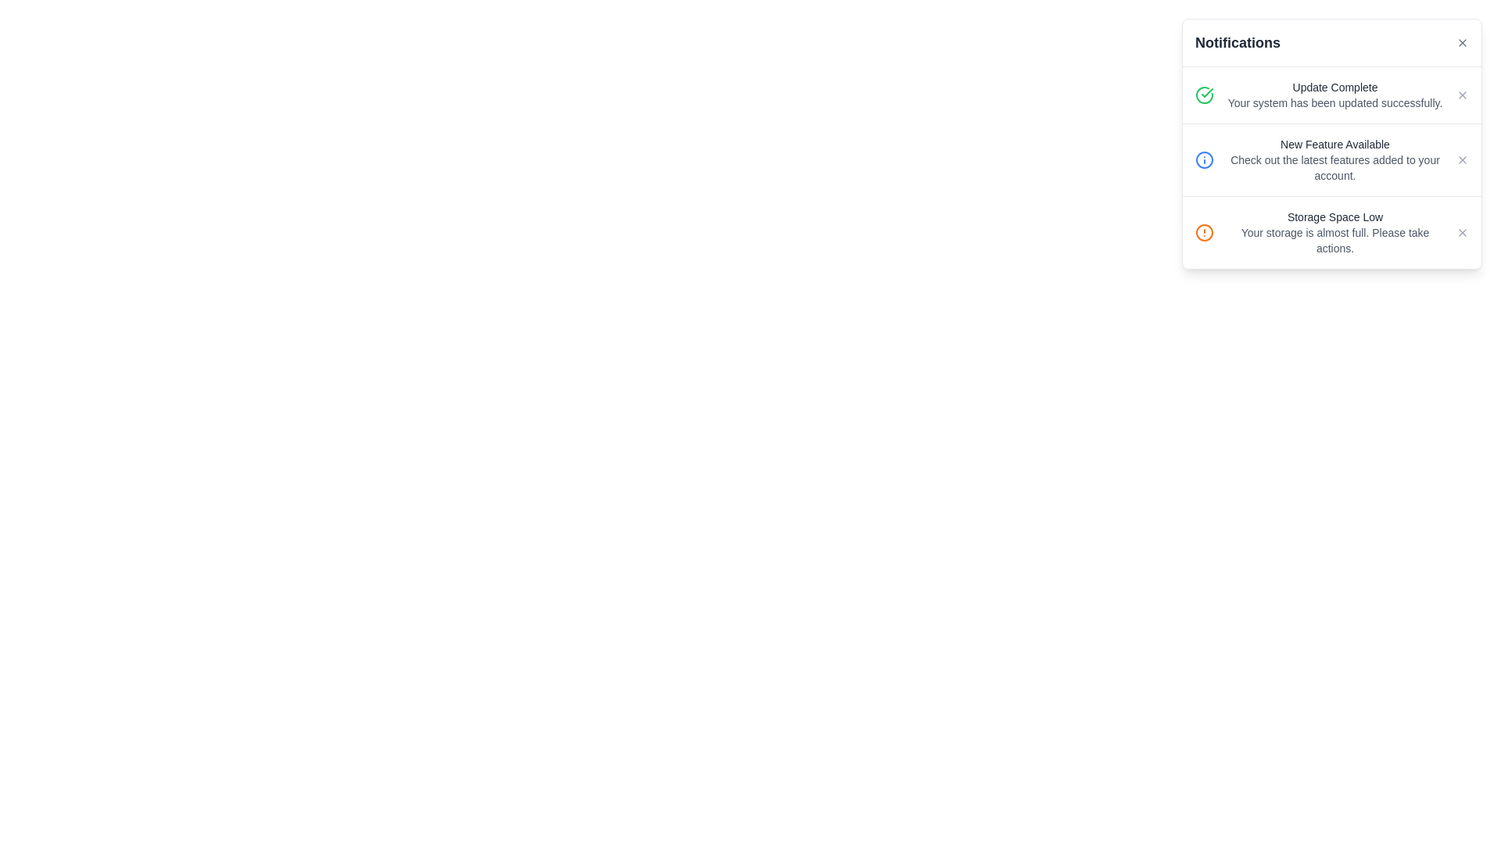 The image size is (1501, 844). What do you see at coordinates (1237, 41) in the screenshot?
I see `the 'Notifications' header text, which is a bold title displayed in dark gray at the top of the notification card` at bounding box center [1237, 41].